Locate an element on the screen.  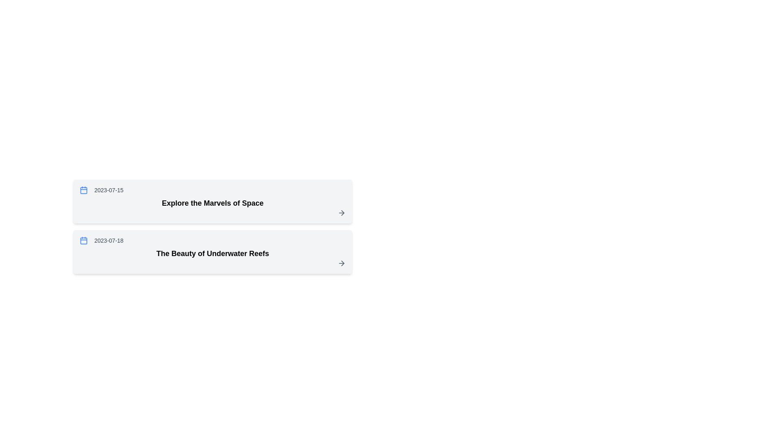
the graphical arrow icon indicating forward action located at the right end of the list item titled 'Explore the Marvels of Space' dated '2023-07-15' is located at coordinates (343, 213).